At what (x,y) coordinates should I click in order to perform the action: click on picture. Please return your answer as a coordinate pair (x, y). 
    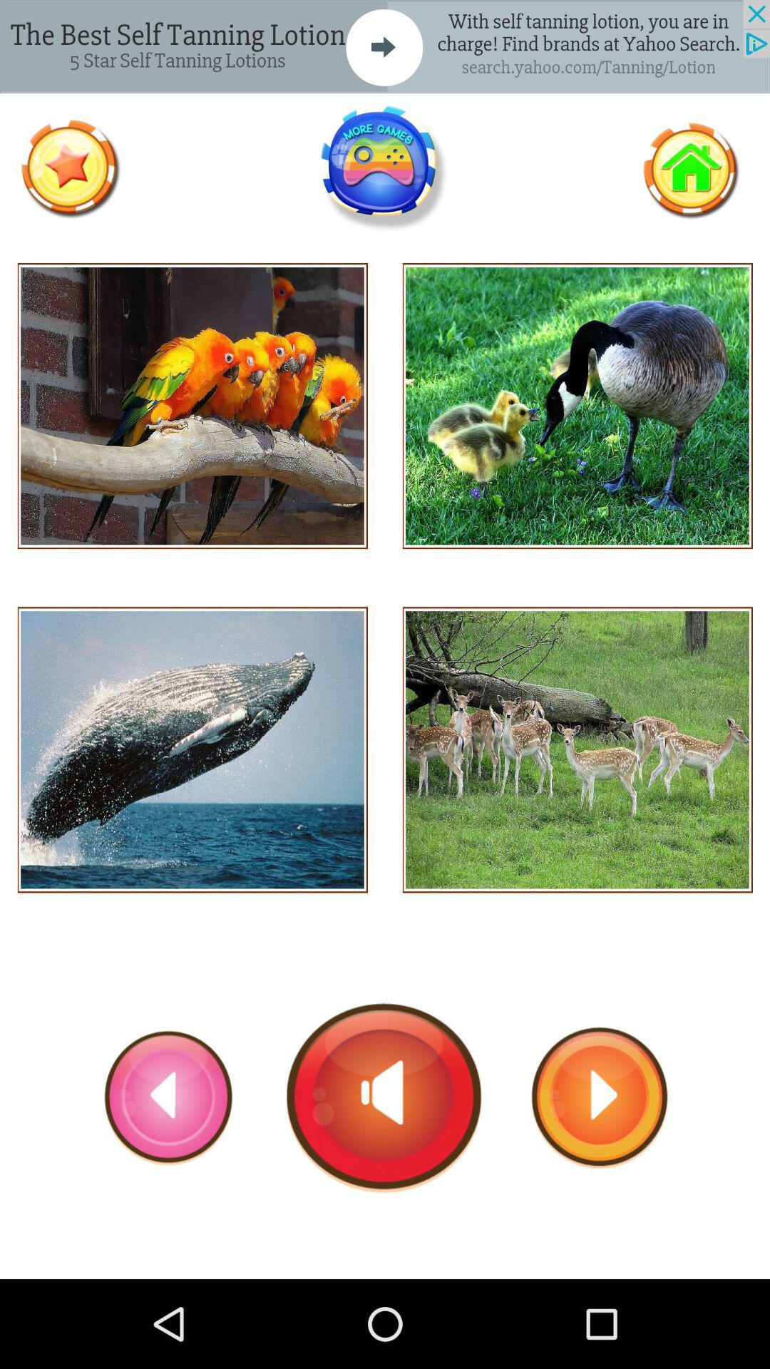
    Looking at the image, I should click on (577, 749).